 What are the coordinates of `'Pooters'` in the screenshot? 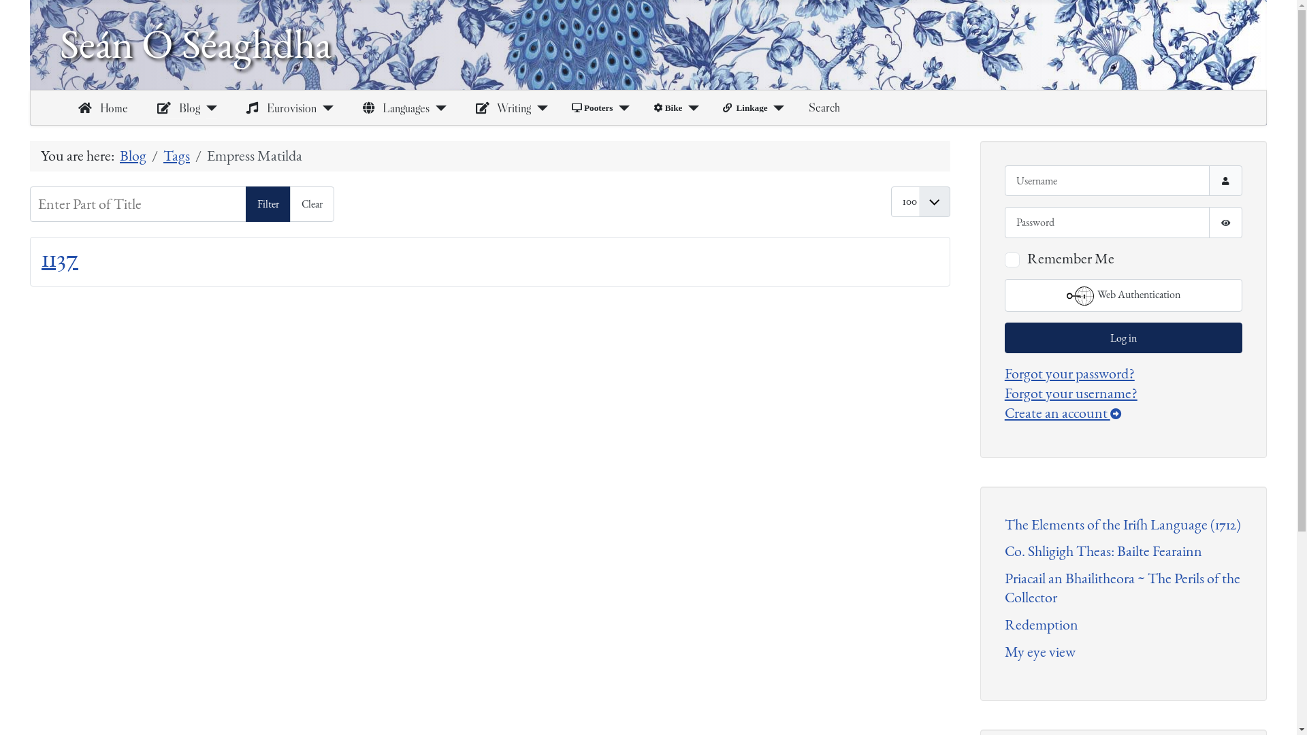 It's located at (592, 107).